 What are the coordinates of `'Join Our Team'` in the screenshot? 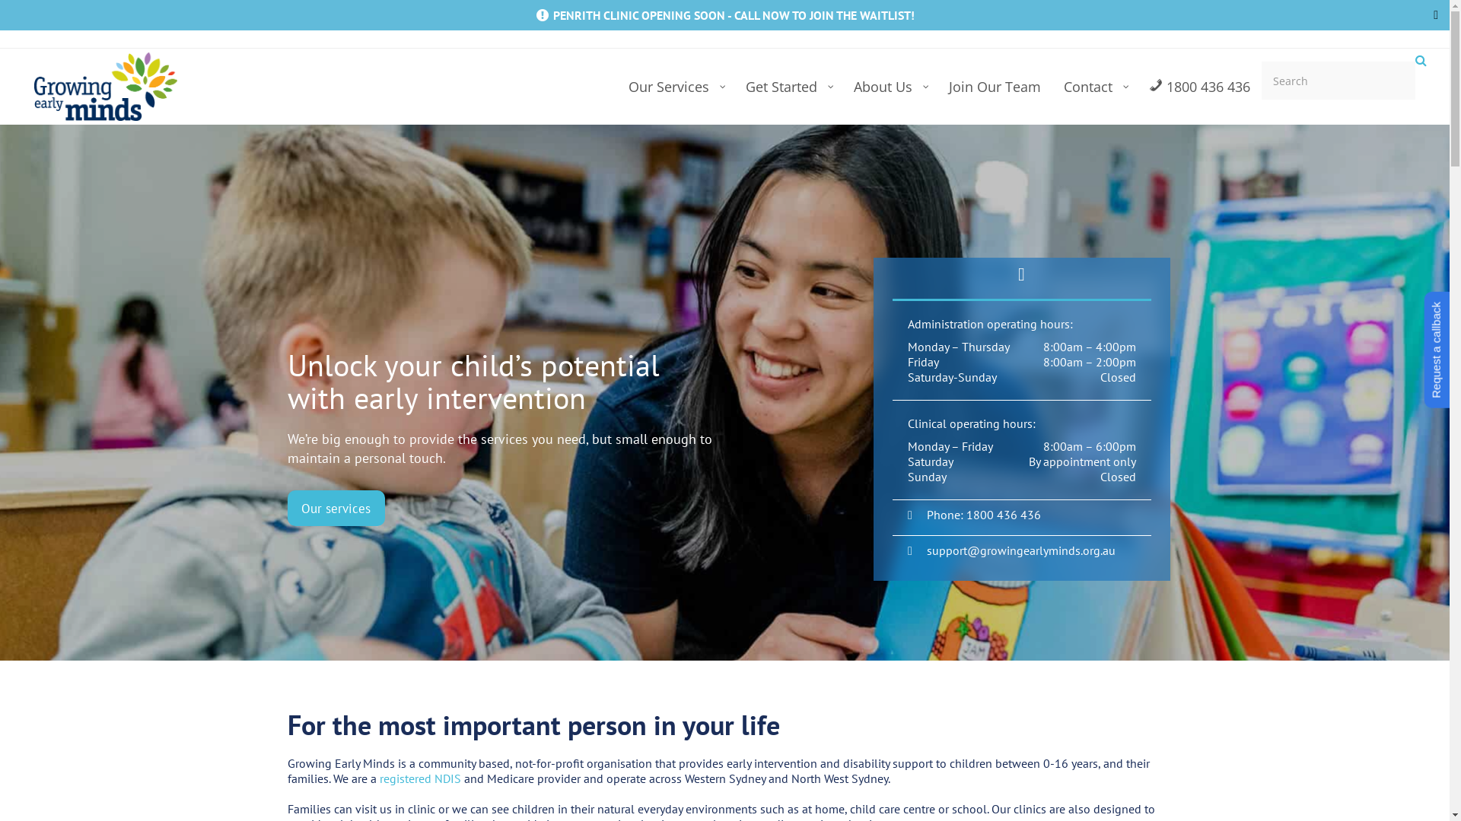 It's located at (995, 87).